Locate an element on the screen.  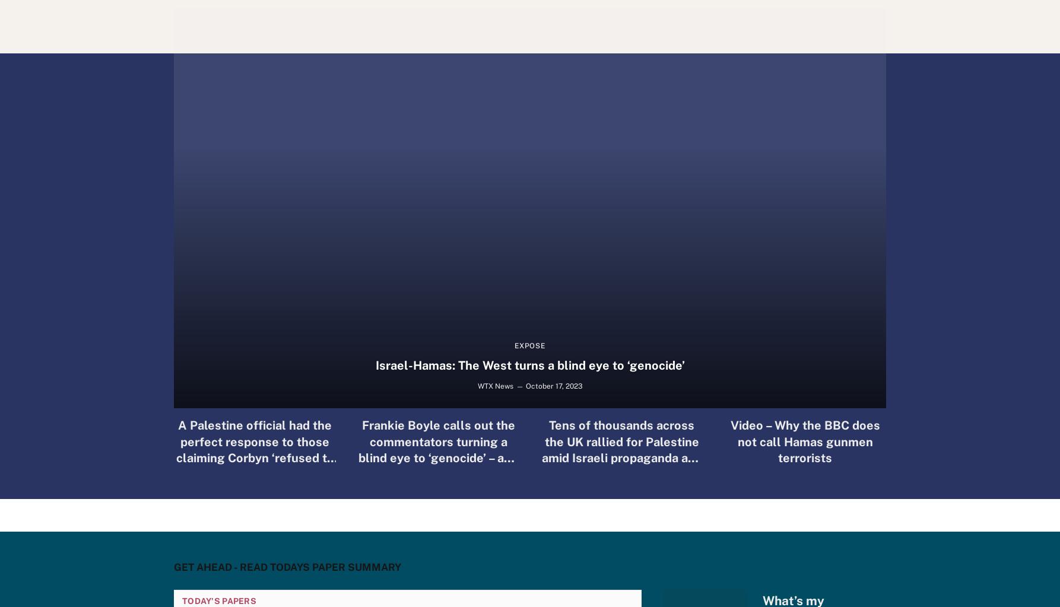
'Today's Papers' is located at coordinates (182, 600).